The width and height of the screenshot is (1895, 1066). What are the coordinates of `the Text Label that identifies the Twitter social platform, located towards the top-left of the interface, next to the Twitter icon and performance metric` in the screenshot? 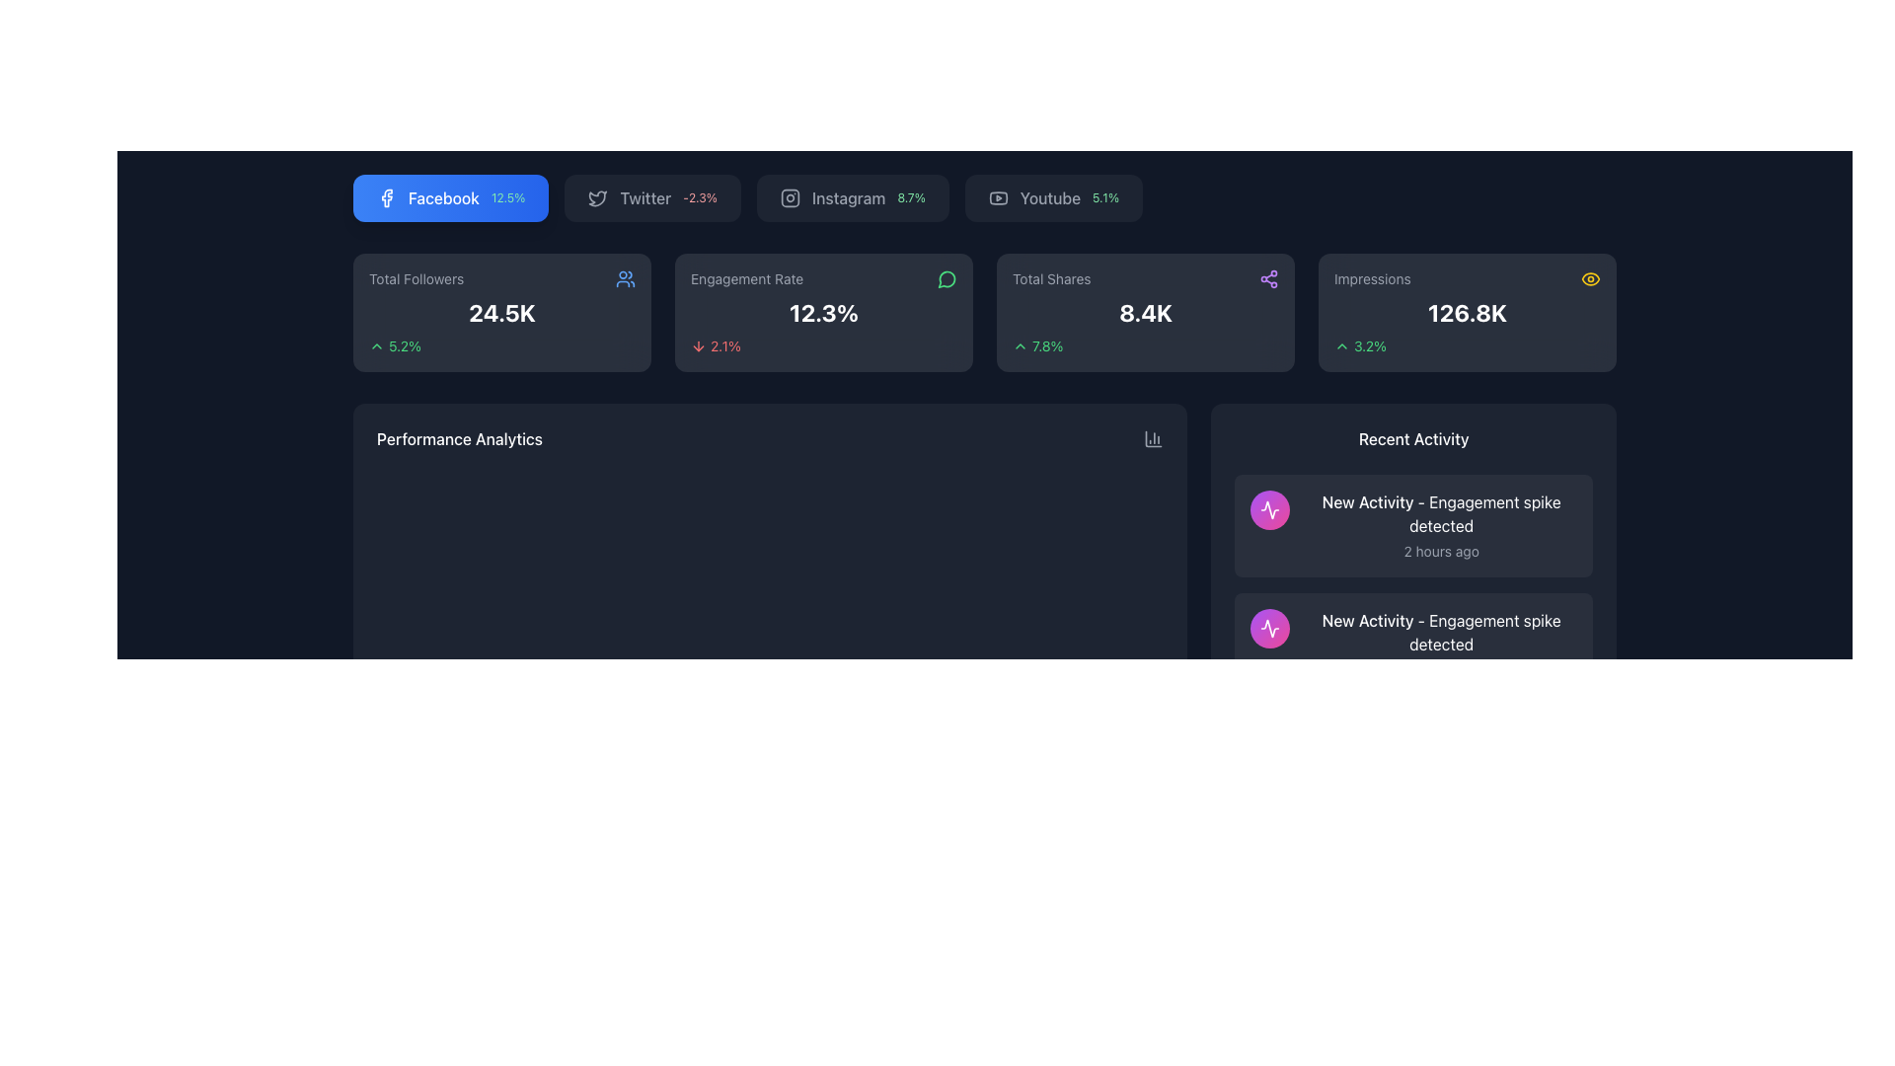 It's located at (645, 197).